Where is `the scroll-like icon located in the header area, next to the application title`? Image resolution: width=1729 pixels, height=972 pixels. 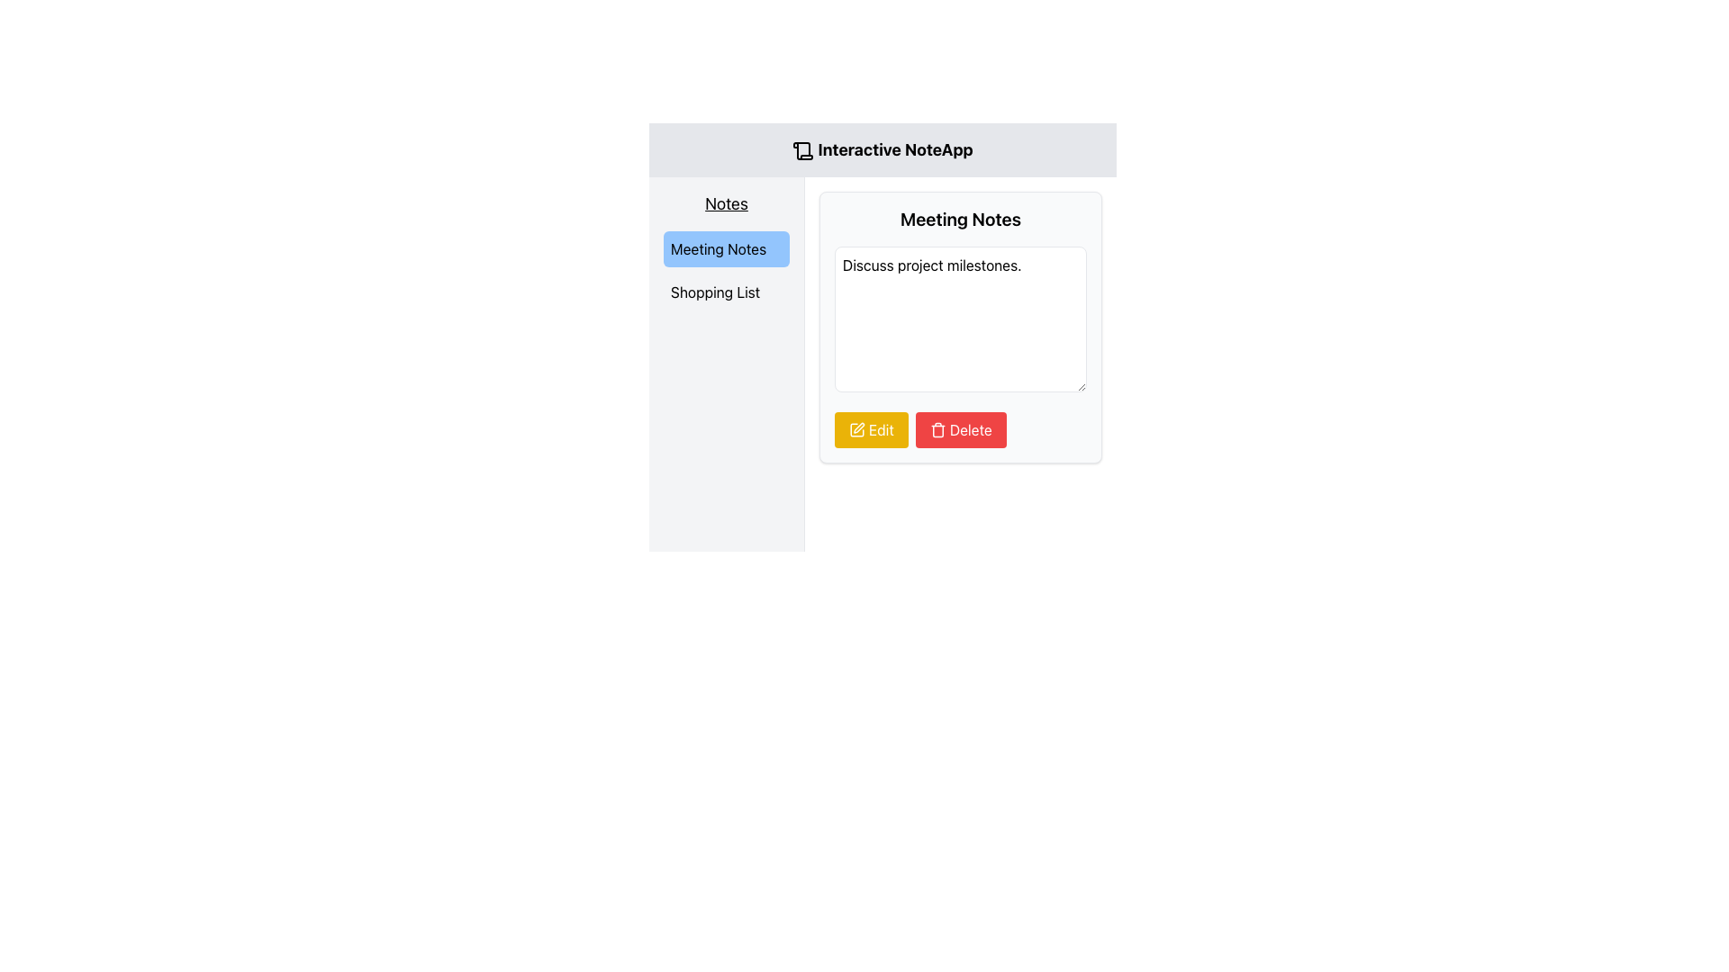
the scroll-like icon located in the header area, next to the application title is located at coordinates (802, 150).